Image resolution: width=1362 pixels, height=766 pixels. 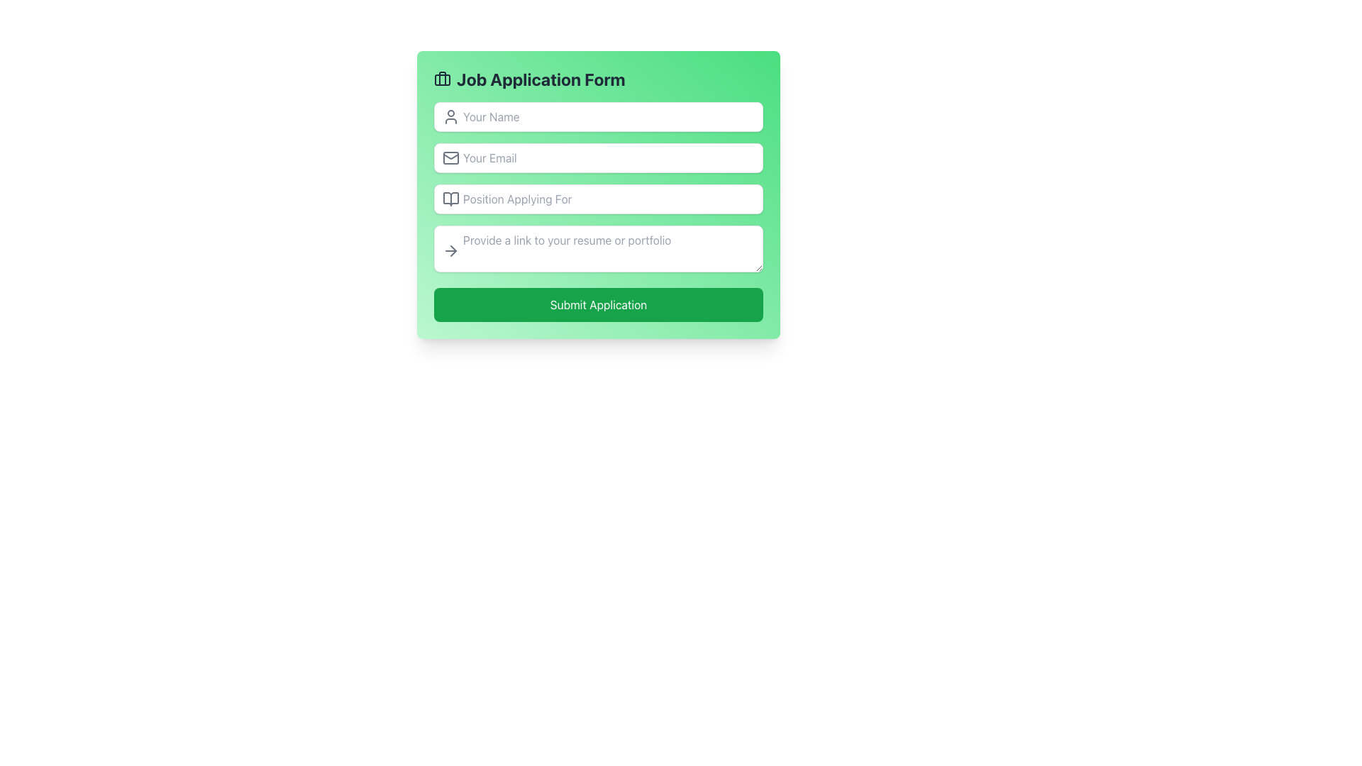 What do you see at coordinates (450, 158) in the screenshot?
I see `the rounded rectangular envelope icon located to the left of the 'Your Email' input field` at bounding box center [450, 158].